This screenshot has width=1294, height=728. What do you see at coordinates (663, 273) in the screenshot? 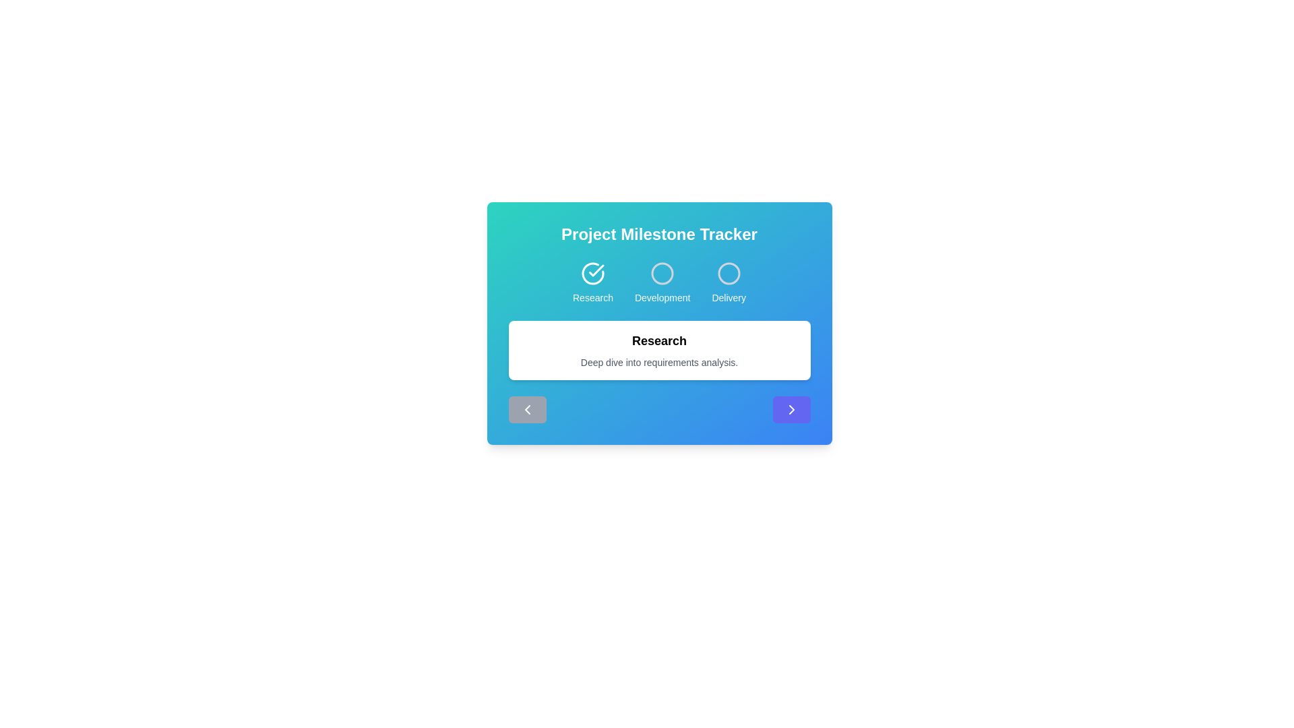
I see `the second icon in the horizontal grouping at the top-center area of the interface, which indicates the 'Development' stage, positioned above the label 'Development'` at bounding box center [663, 273].